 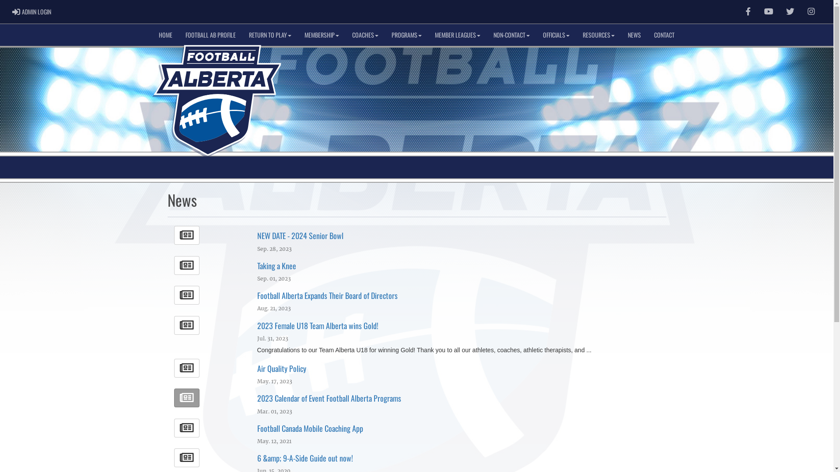 What do you see at coordinates (310, 427) in the screenshot?
I see `'Football Canada Mobile Coaching App'` at bounding box center [310, 427].